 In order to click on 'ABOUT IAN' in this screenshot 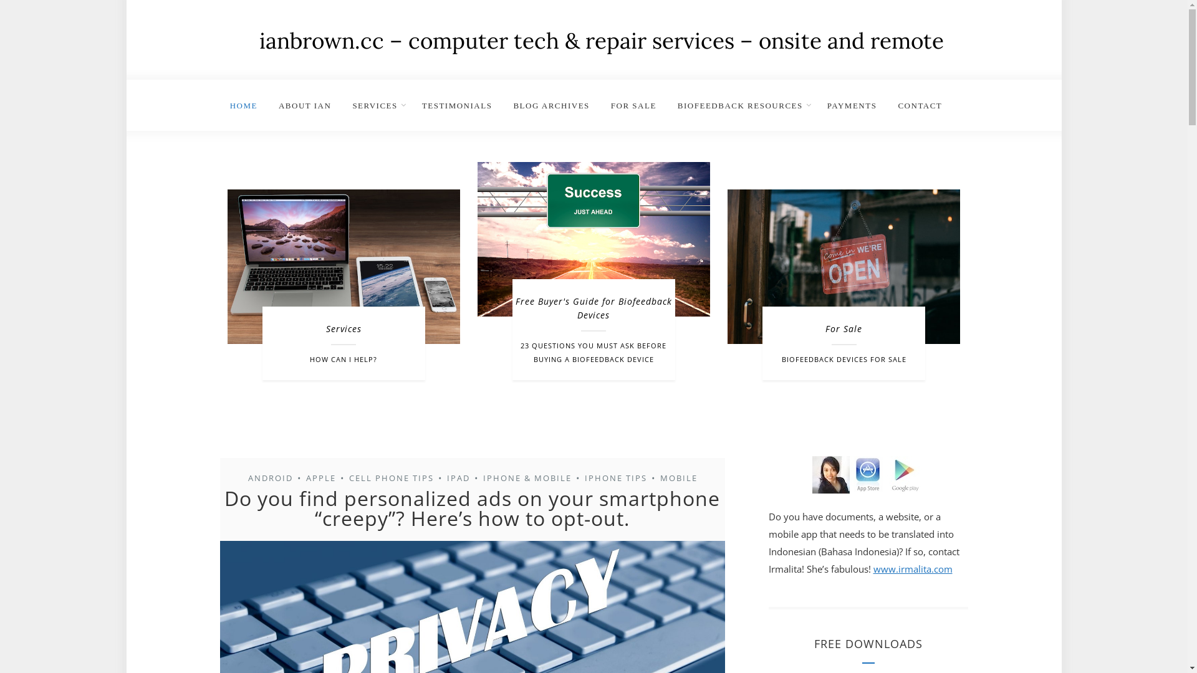, I will do `click(305, 102)`.